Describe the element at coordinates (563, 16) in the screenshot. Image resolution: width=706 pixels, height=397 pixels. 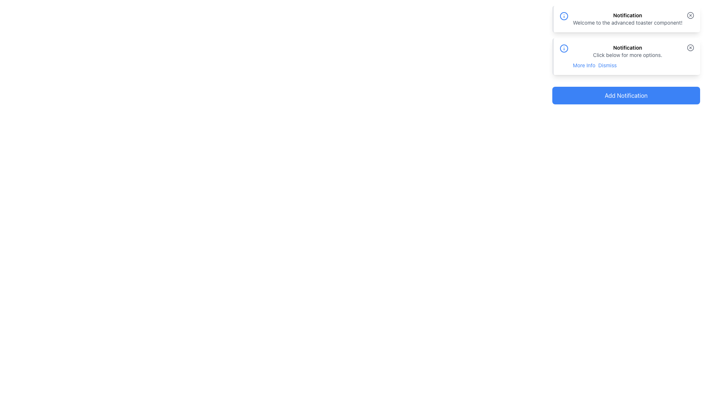
I see `the circular icon with a blue information symbol located at the top-left corner of the notification box adjacent to the bold heading 'Notification'` at that location.